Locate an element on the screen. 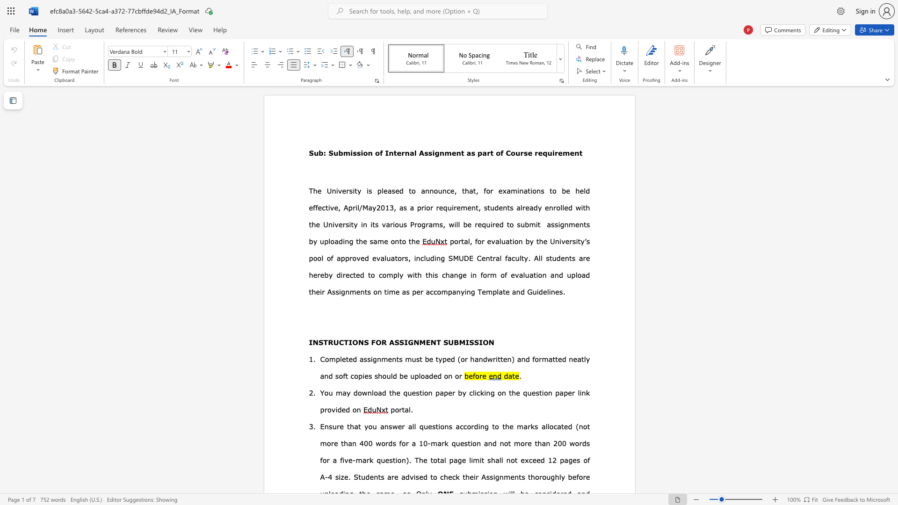  the subset text "ENT SUBMISSION" within the text "INSTRUCTIONS FOR ASSIGNMENT SUBMISSION" is located at coordinates (425, 342).